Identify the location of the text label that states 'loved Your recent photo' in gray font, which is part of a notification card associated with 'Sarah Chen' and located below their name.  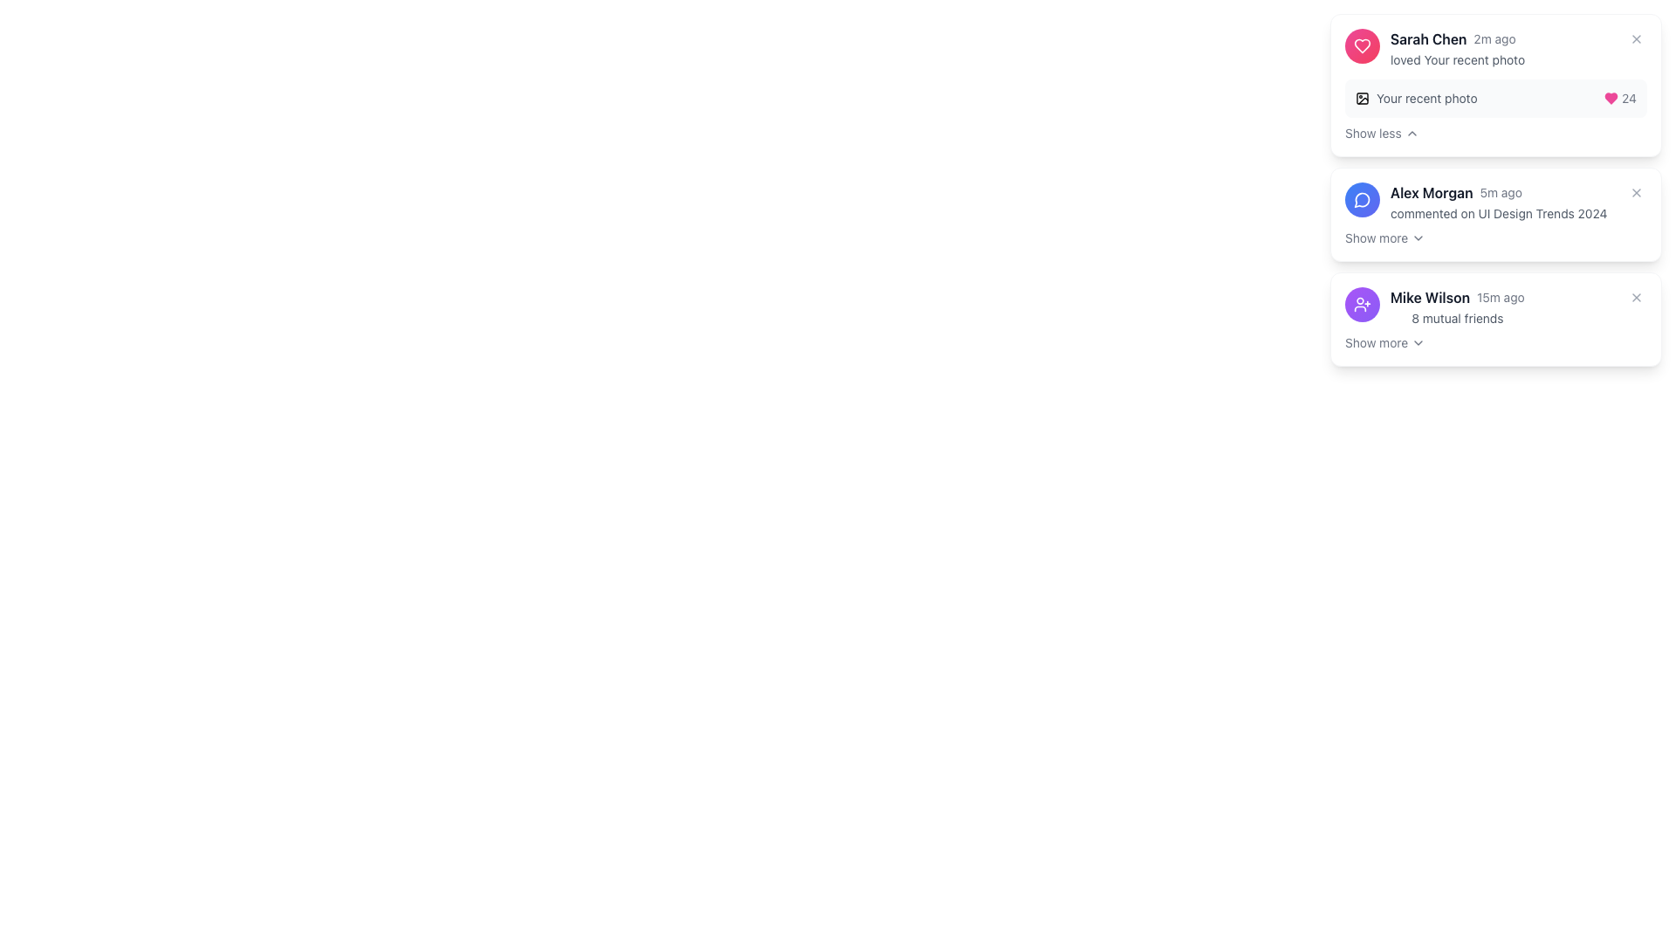
(1458, 59).